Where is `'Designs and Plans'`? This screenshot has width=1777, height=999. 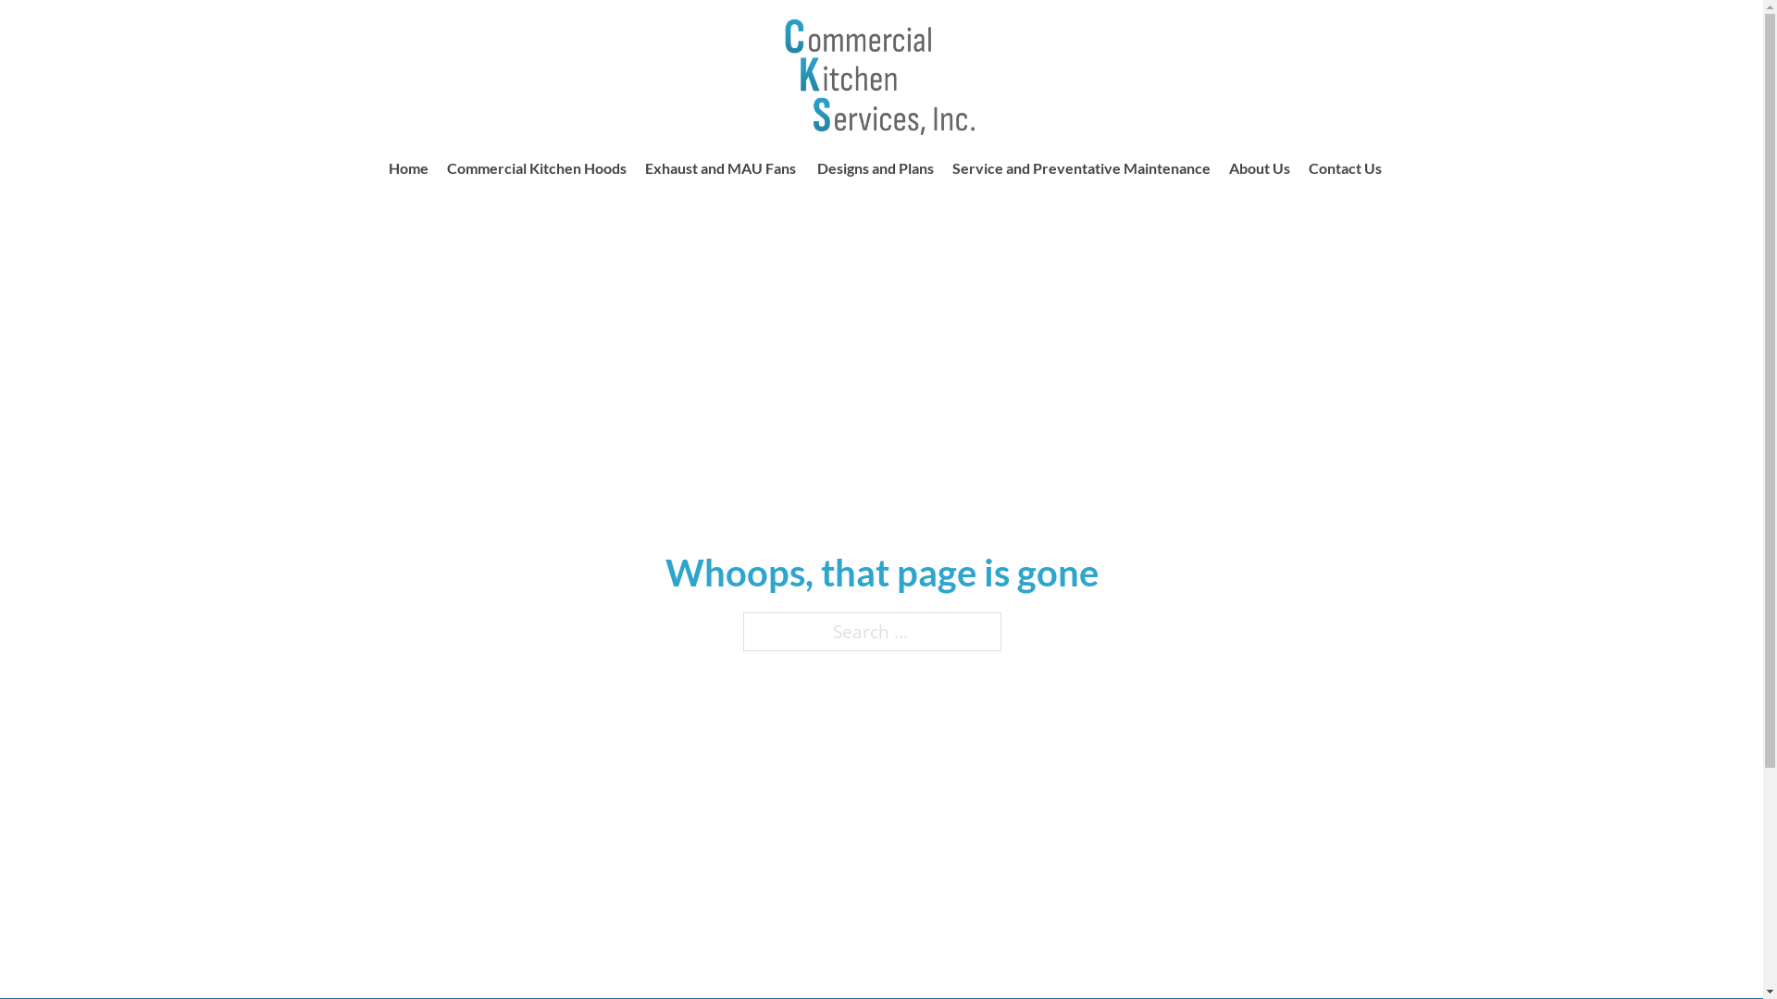
'Designs and Plans' is located at coordinates (874, 167).